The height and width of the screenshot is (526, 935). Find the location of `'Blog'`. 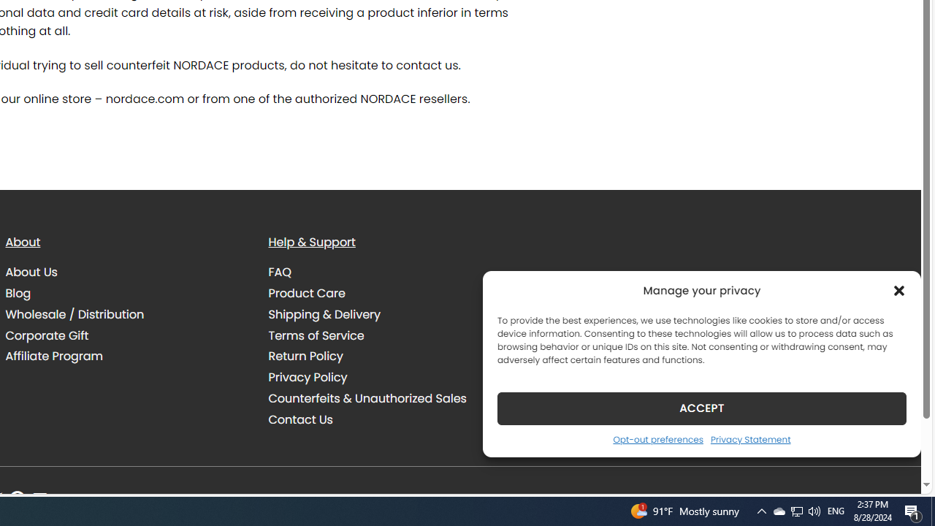

'Blog' is located at coordinates (18, 293).